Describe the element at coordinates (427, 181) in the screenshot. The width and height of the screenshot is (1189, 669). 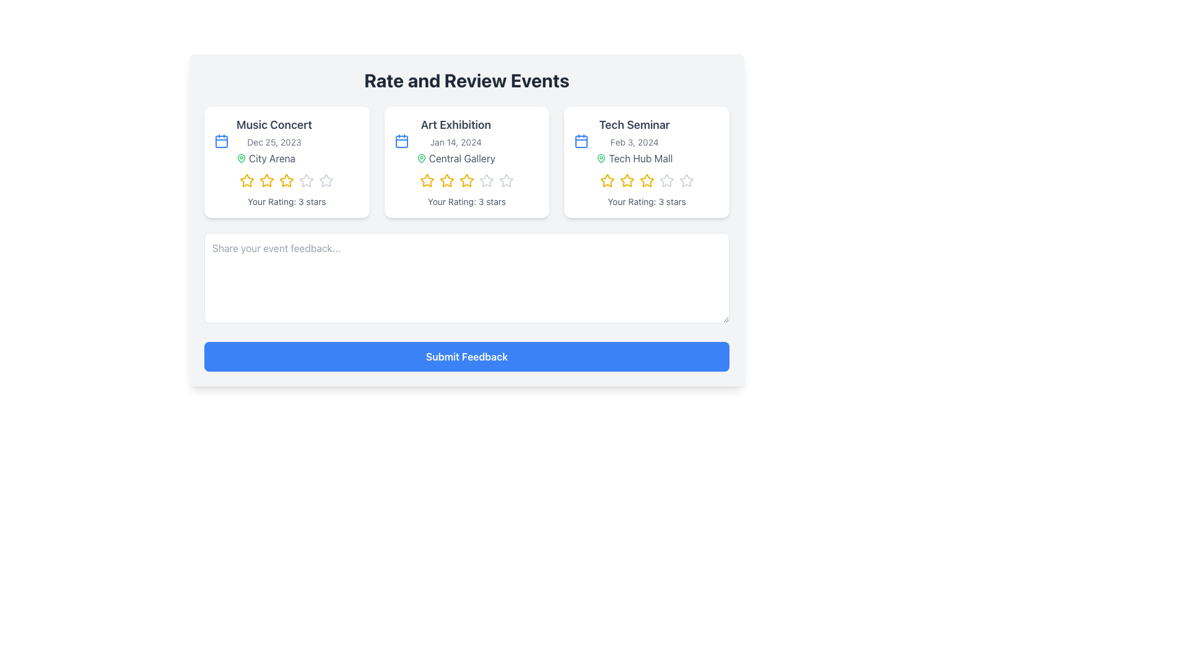
I see `the star icon with a yellow outline representing the second rating in the 'Art Exhibition' section` at that location.